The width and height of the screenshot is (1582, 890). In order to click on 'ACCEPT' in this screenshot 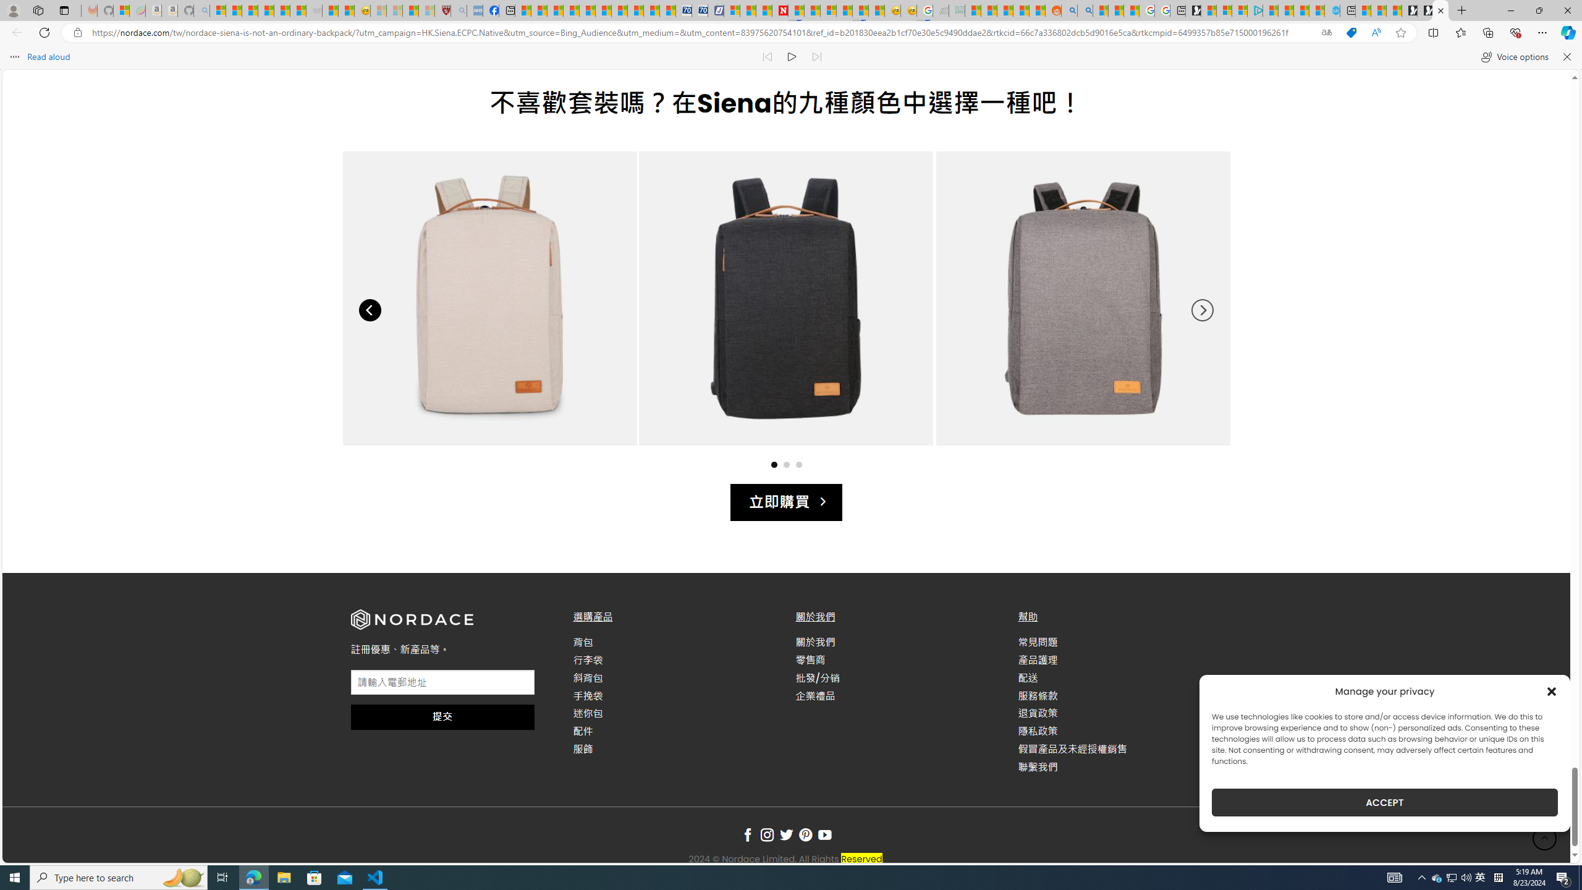, I will do `click(1385, 802)`.